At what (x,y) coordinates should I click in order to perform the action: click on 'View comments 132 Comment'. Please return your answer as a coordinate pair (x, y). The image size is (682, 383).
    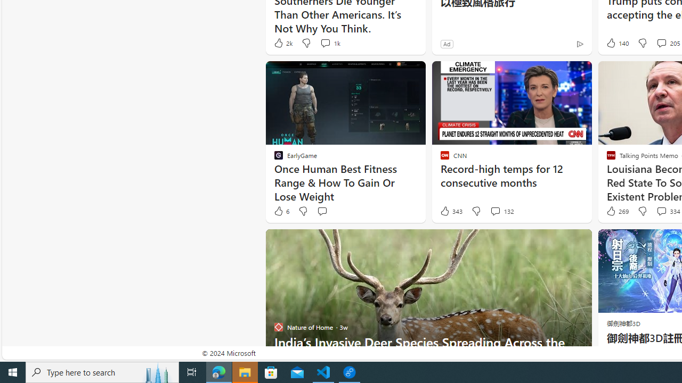
    Looking at the image, I should click on (501, 211).